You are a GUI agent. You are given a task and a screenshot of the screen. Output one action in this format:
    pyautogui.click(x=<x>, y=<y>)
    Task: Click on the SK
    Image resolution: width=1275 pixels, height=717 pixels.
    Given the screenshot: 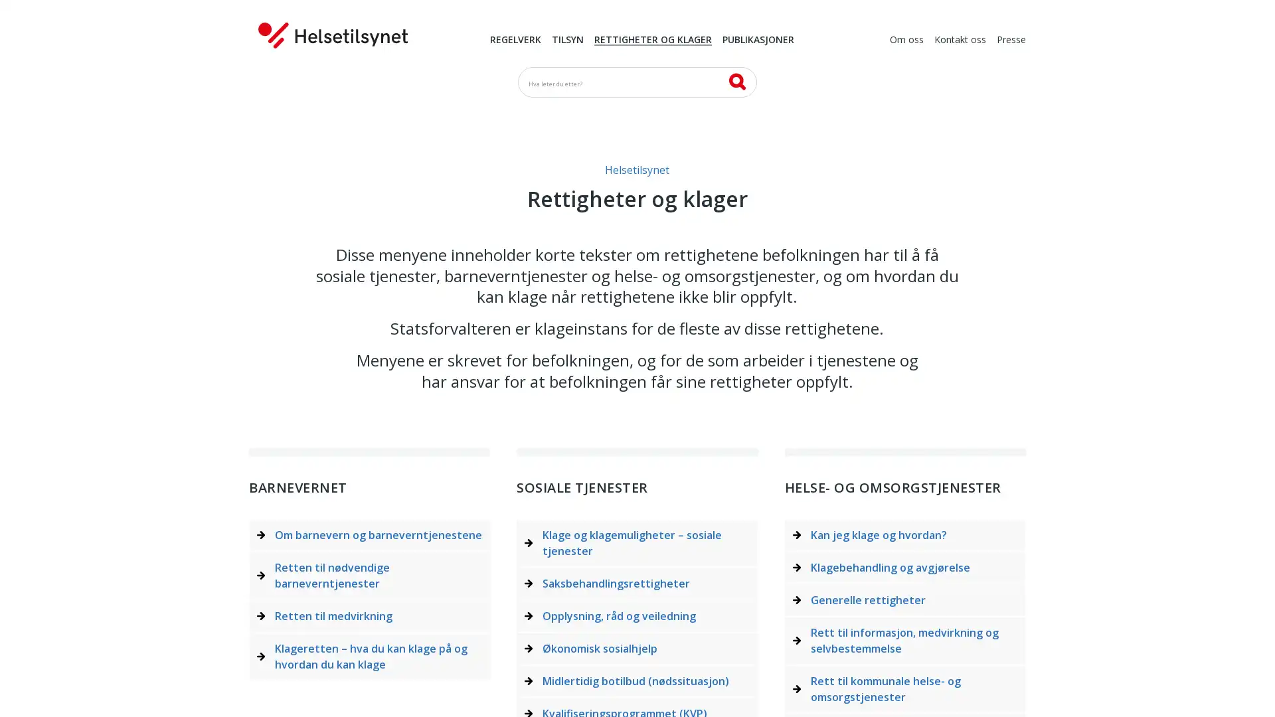 What is the action you would take?
    pyautogui.click(x=736, y=81)
    